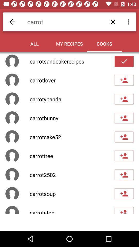  What do you see at coordinates (124, 155) in the screenshot?
I see `to followed` at bounding box center [124, 155].